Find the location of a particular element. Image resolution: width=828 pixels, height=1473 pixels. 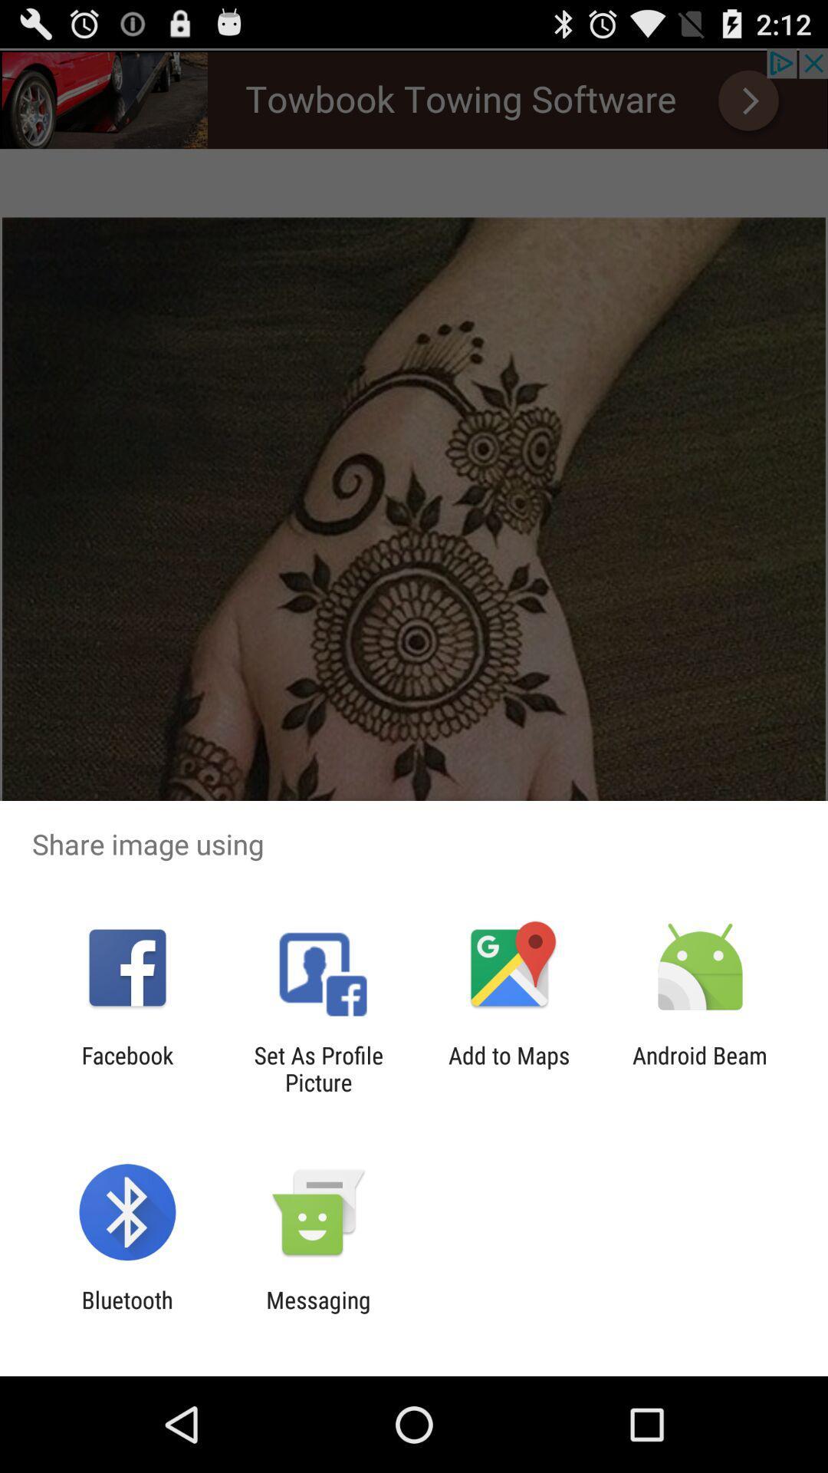

the messaging is located at coordinates (317, 1313).